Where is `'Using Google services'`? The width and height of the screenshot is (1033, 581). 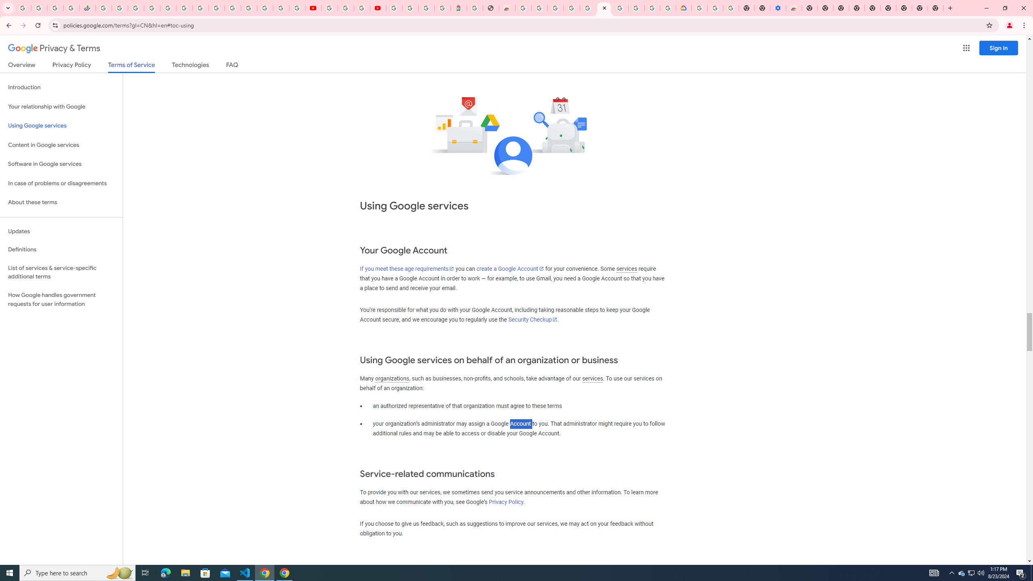
'Using Google services' is located at coordinates (61, 125).